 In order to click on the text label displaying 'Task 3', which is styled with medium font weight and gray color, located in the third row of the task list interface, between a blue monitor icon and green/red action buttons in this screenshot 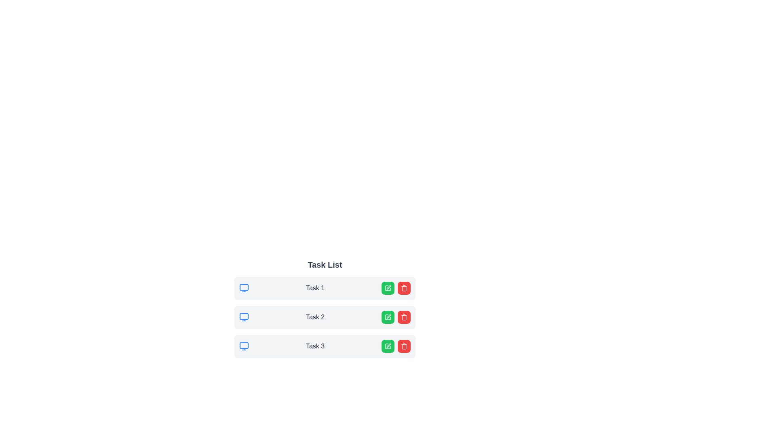, I will do `click(314, 346)`.